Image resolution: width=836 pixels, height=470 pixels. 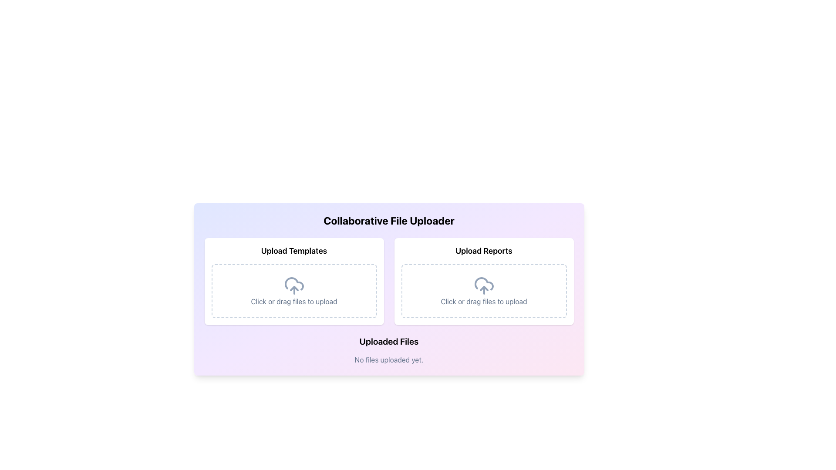 I want to click on the cloud upload icon, which is characterized by its cloud shape and upward arrow, located within the dashed-bordered area labeled 'Click or drag files to upload.', so click(x=294, y=285).